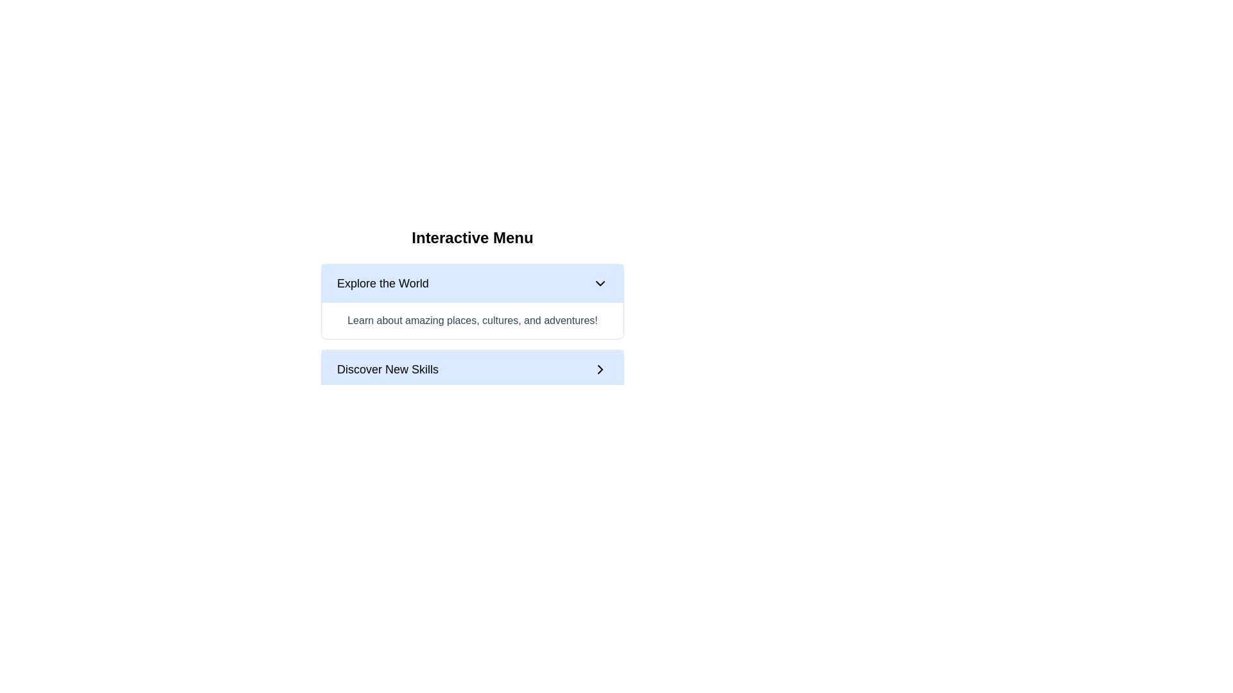 Image resolution: width=1233 pixels, height=693 pixels. Describe the element at coordinates (600, 369) in the screenshot. I see `the arrow icon located to the far right of the 'Discover New Skills' button` at that location.